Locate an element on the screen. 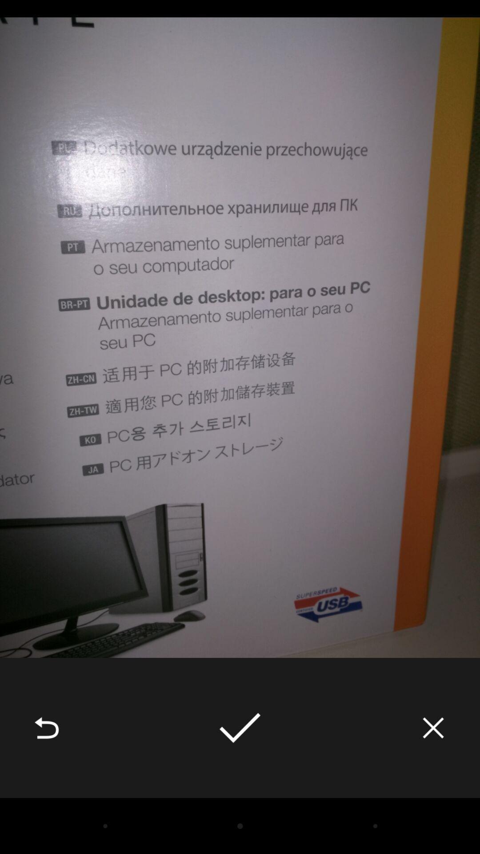  the icon at the bottom right corner is located at coordinates (433, 728).